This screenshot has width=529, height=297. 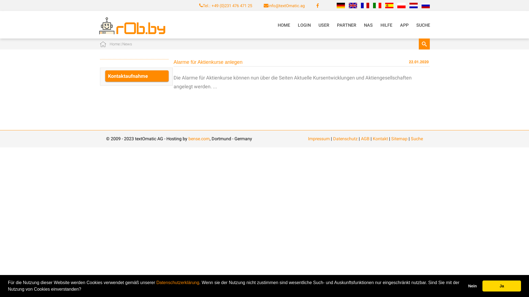 What do you see at coordinates (399, 138) in the screenshot?
I see `'Sitemap'` at bounding box center [399, 138].